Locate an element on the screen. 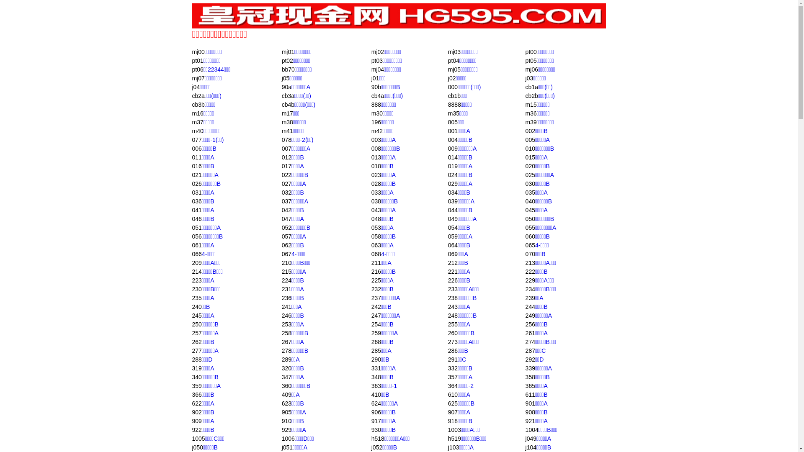 The height and width of the screenshot is (452, 804). '268' is located at coordinates (371, 342).